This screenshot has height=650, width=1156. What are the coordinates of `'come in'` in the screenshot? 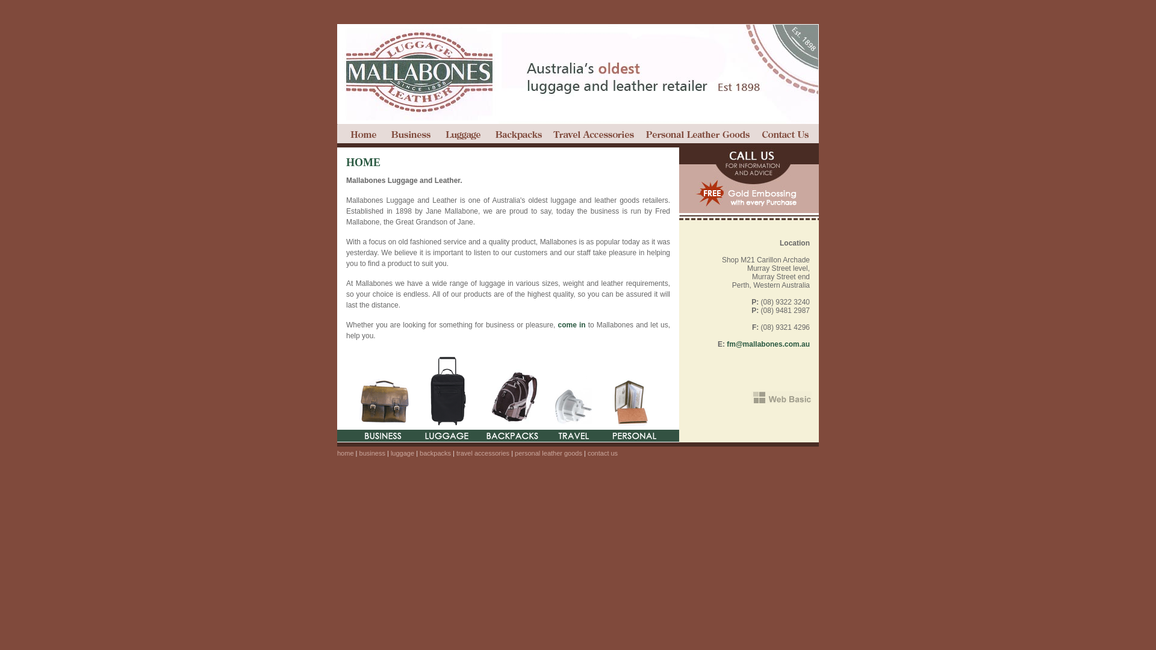 It's located at (571, 325).